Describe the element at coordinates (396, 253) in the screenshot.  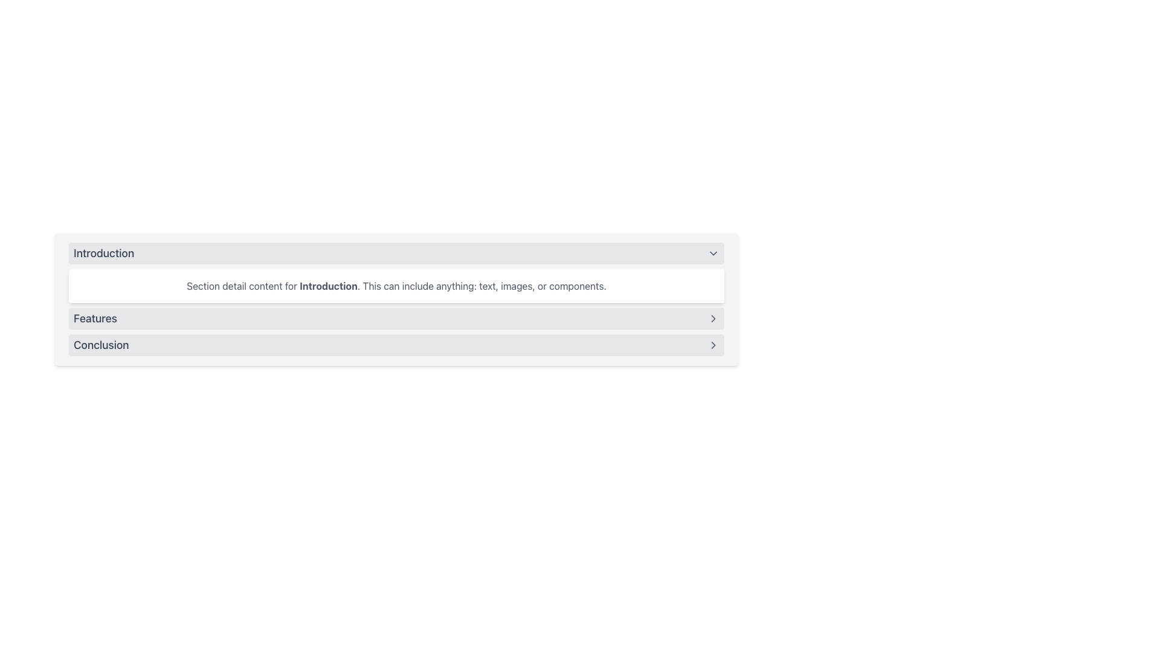
I see `the Accordion Header element labeled 'Introduction' for accessibility interaction` at that location.